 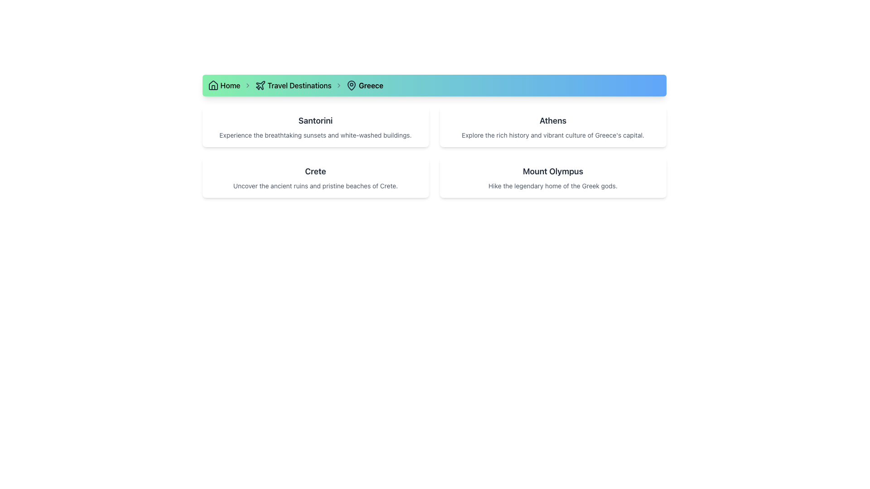 What do you see at coordinates (364, 86) in the screenshot?
I see `the third item in the breadcrumb navigation bar, which indicates the current location or selected destination, providing contextual information to the user` at bounding box center [364, 86].